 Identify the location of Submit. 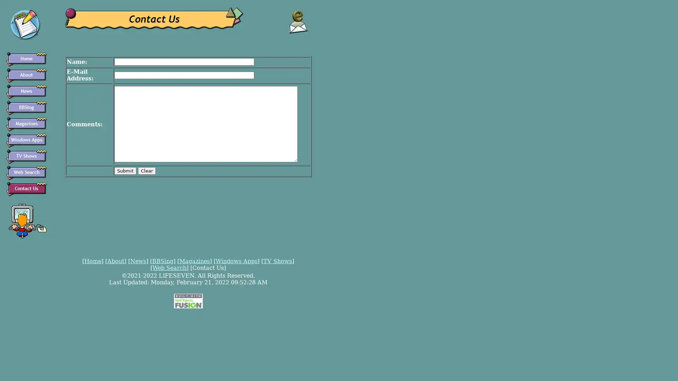
(125, 170).